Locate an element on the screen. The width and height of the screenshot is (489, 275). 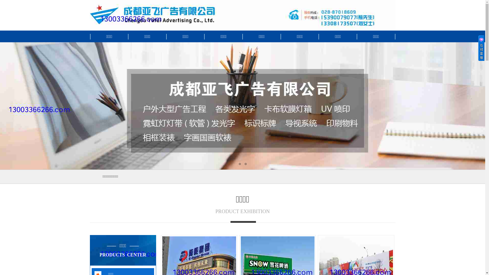
'1' is located at coordinates (237, 164).